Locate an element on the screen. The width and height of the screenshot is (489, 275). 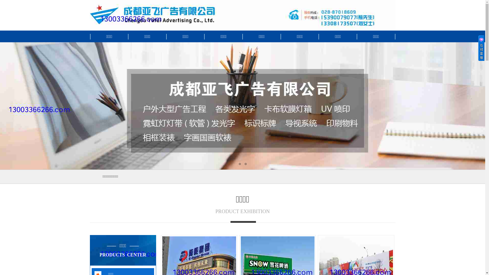
'1' is located at coordinates (237, 164).